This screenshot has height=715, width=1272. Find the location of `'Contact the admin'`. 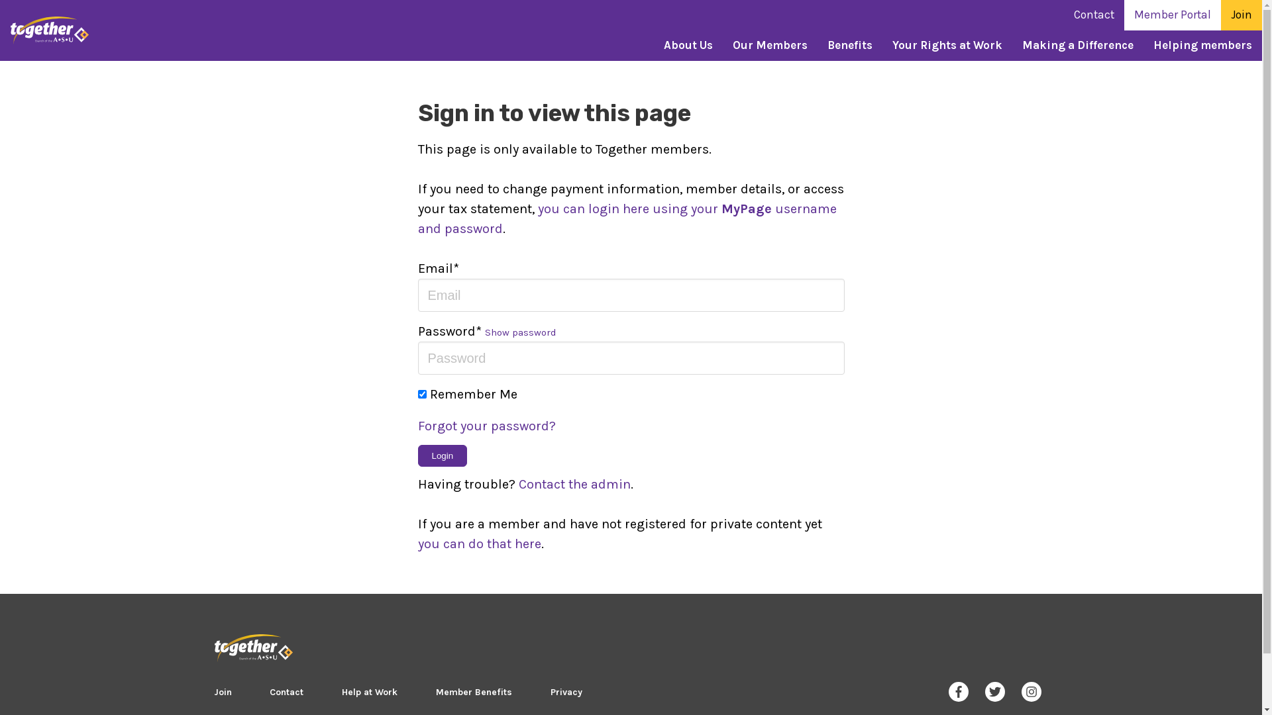

'Contact the admin' is located at coordinates (574, 484).